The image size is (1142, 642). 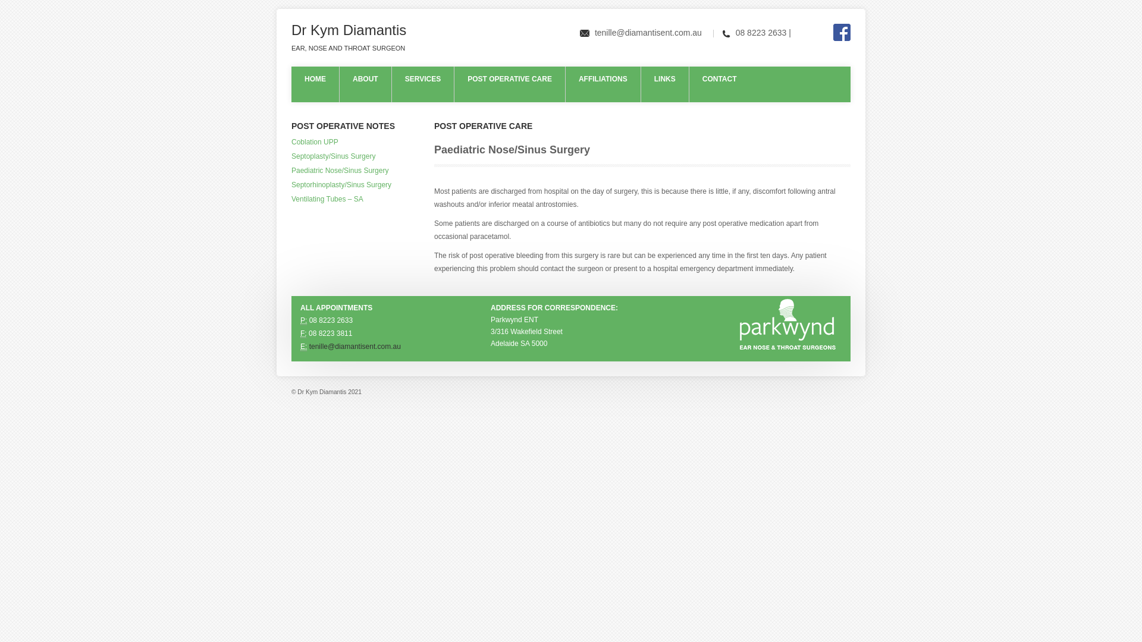 I want to click on 'HOME', so click(x=315, y=84).